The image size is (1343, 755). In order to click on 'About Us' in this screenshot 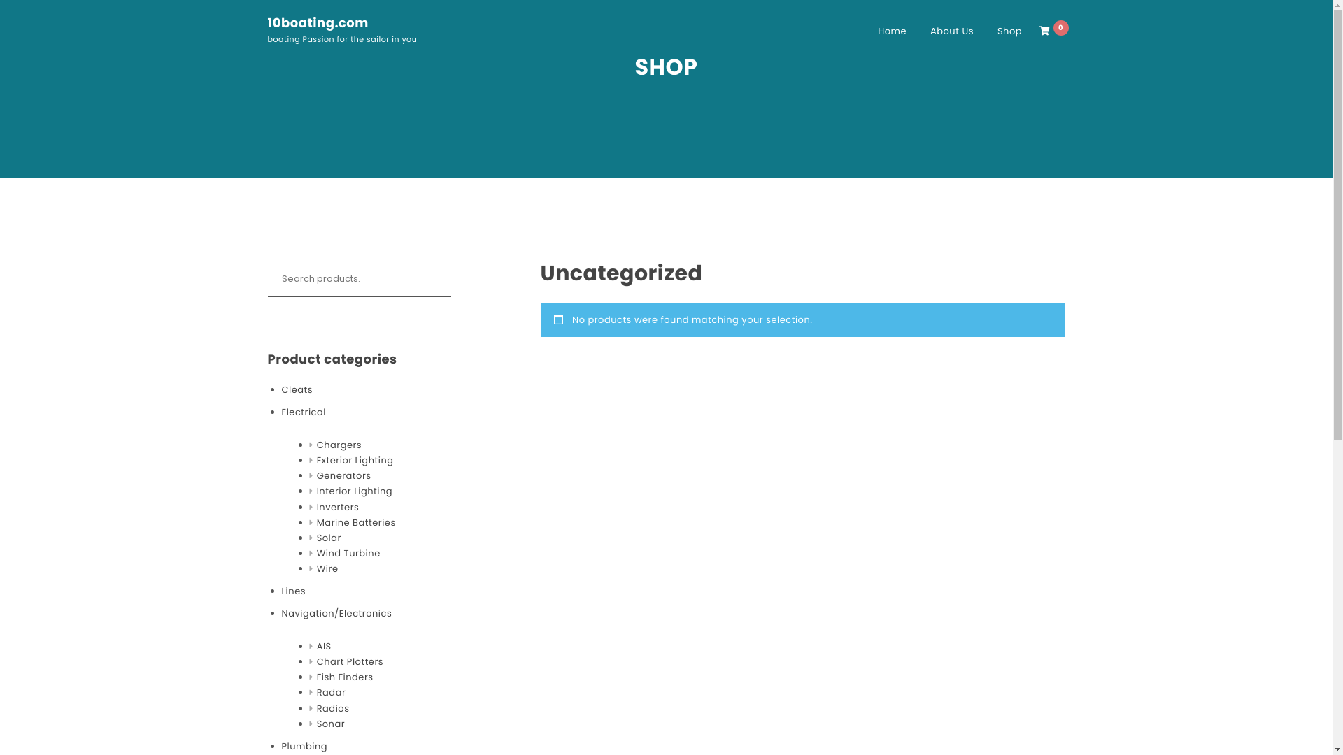, I will do `click(951, 31)`.